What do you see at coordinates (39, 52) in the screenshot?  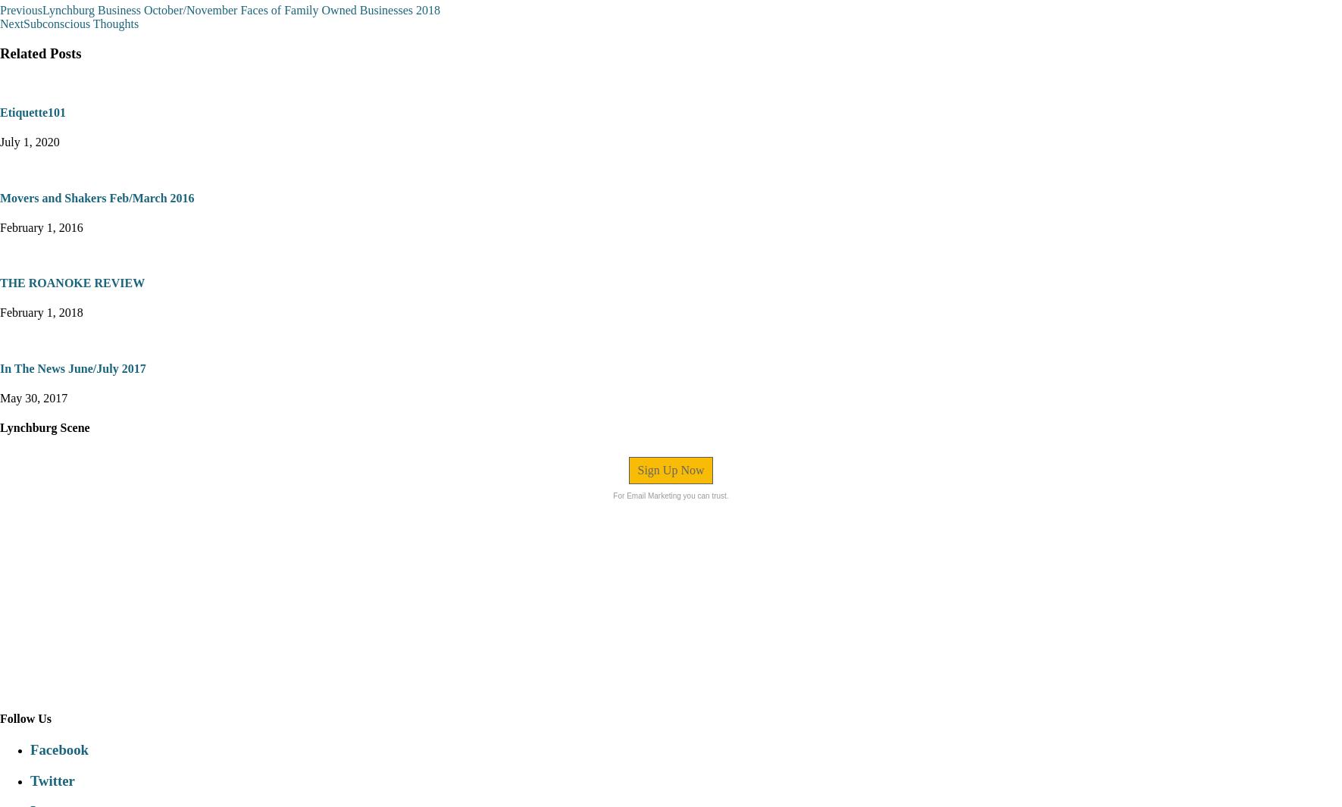 I see `'Related Posts'` at bounding box center [39, 52].